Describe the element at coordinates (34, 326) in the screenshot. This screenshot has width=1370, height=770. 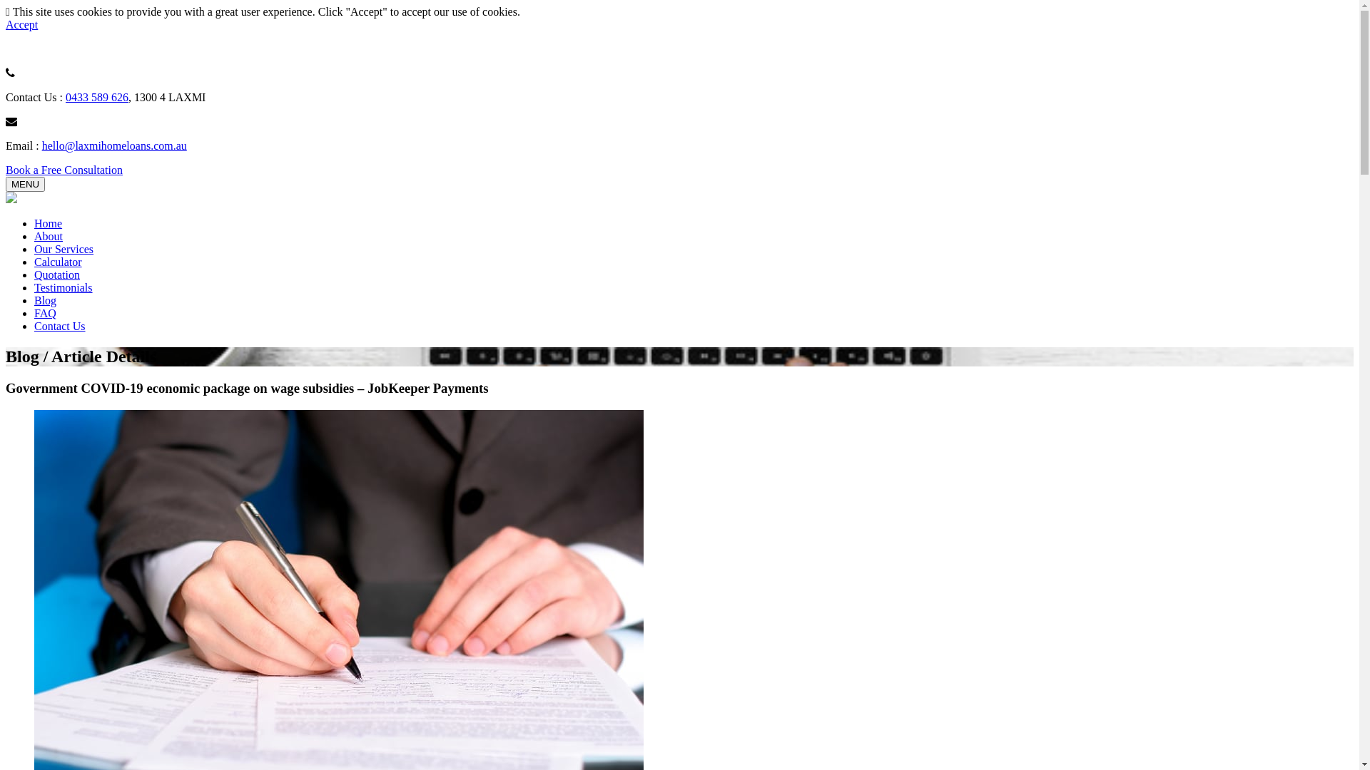
I see `'Contact Us'` at that location.